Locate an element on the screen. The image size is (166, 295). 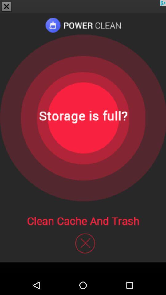
the close icon is located at coordinates (6, 6).